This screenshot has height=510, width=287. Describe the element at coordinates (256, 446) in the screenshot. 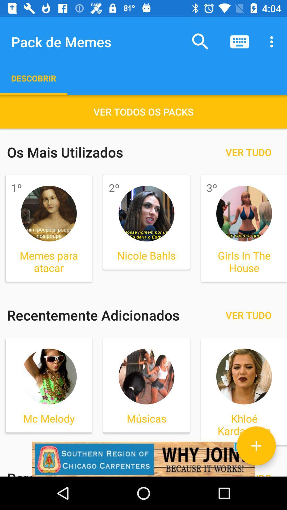

I see `photo` at that location.